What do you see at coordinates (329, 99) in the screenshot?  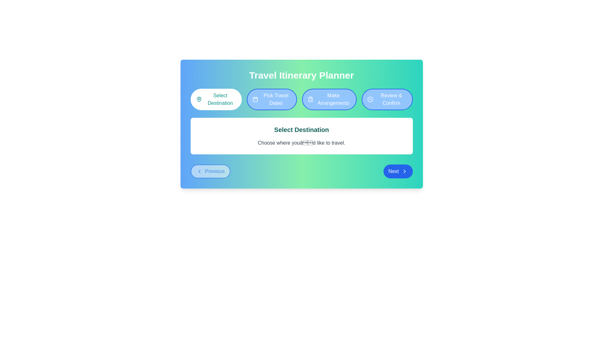 I see `the 'Make Arrangements' button, which is the third button in a horizontal sequence of four buttons at the top-center of the view` at bounding box center [329, 99].